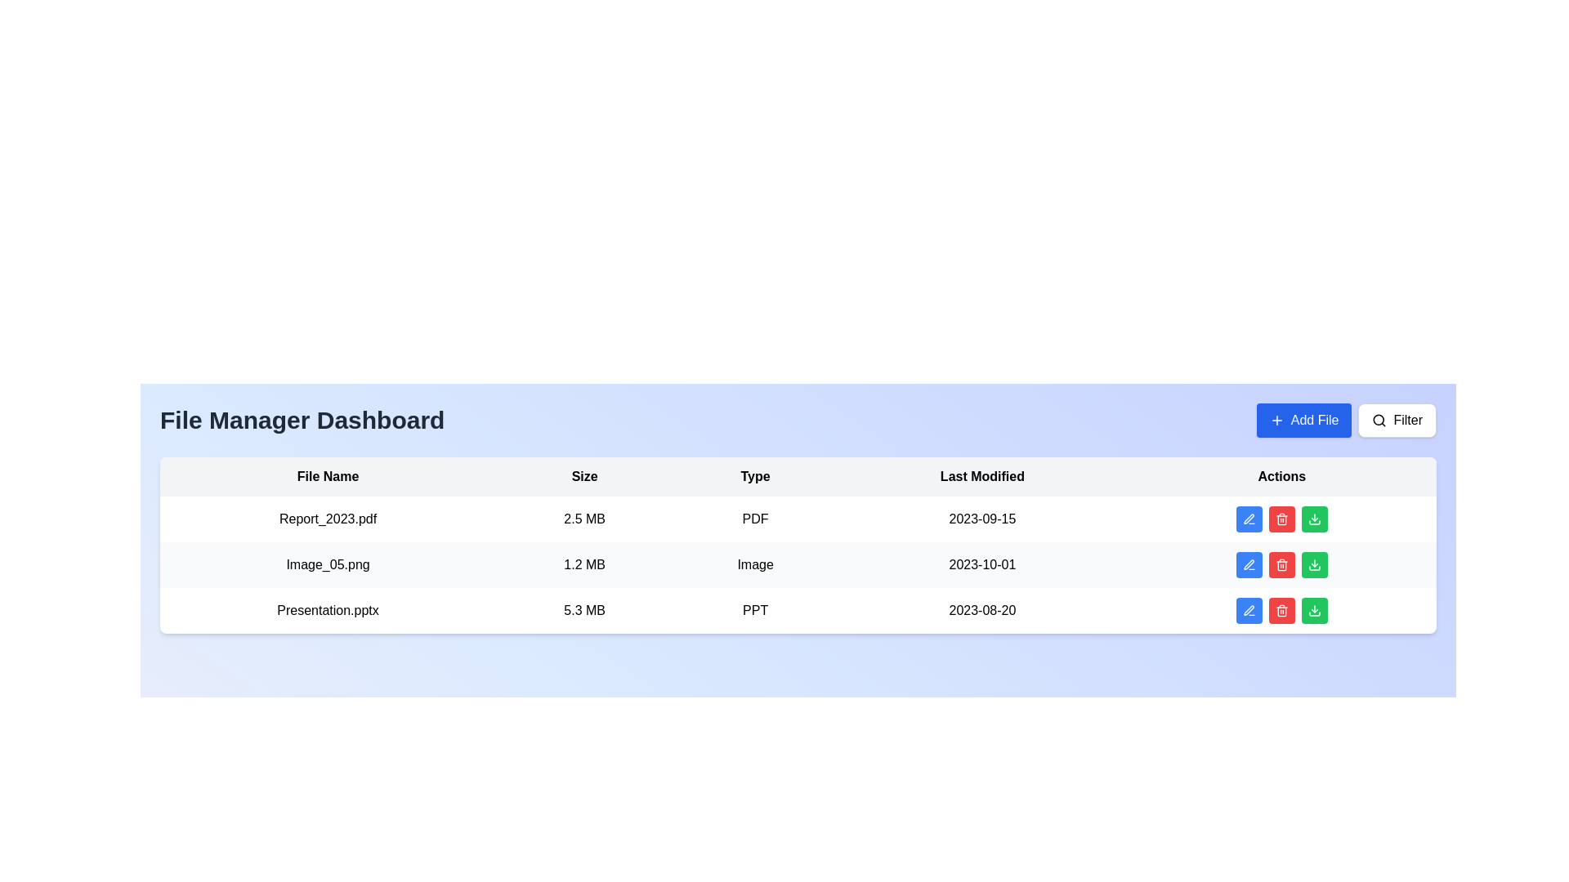  What do you see at coordinates (327, 563) in the screenshot?
I see `the text field displaying the file name 'Image_05.png', which is located in the second row of a table under the 'File Name' column` at bounding box center [327, 563].